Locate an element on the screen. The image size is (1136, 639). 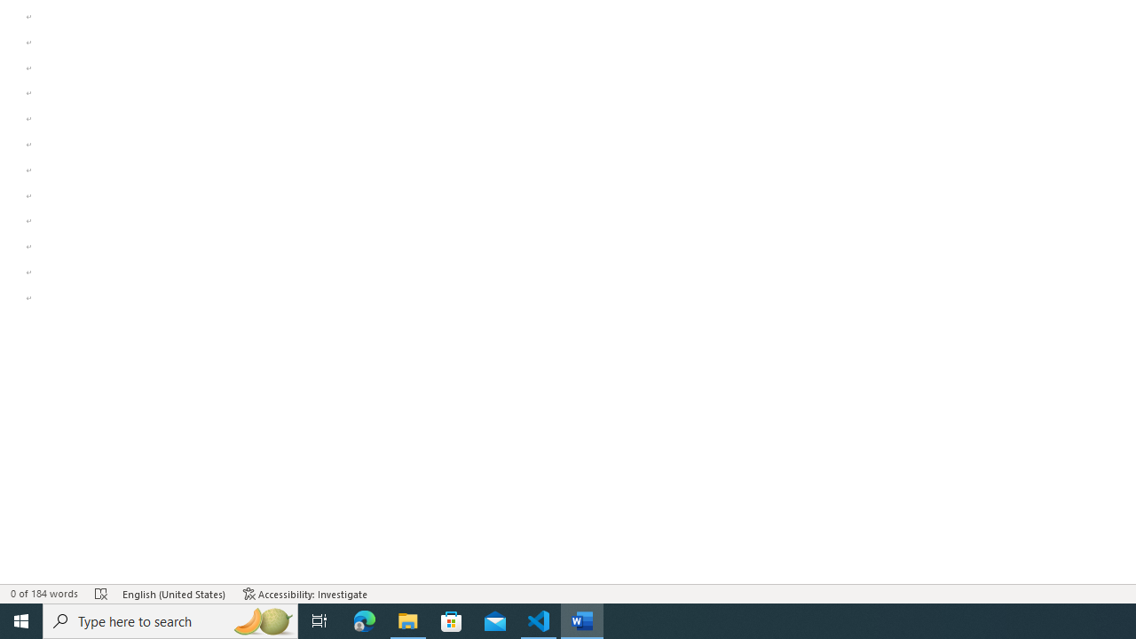
'Spelling and Grammar Check Errors' is located at coordinates (100, 594).